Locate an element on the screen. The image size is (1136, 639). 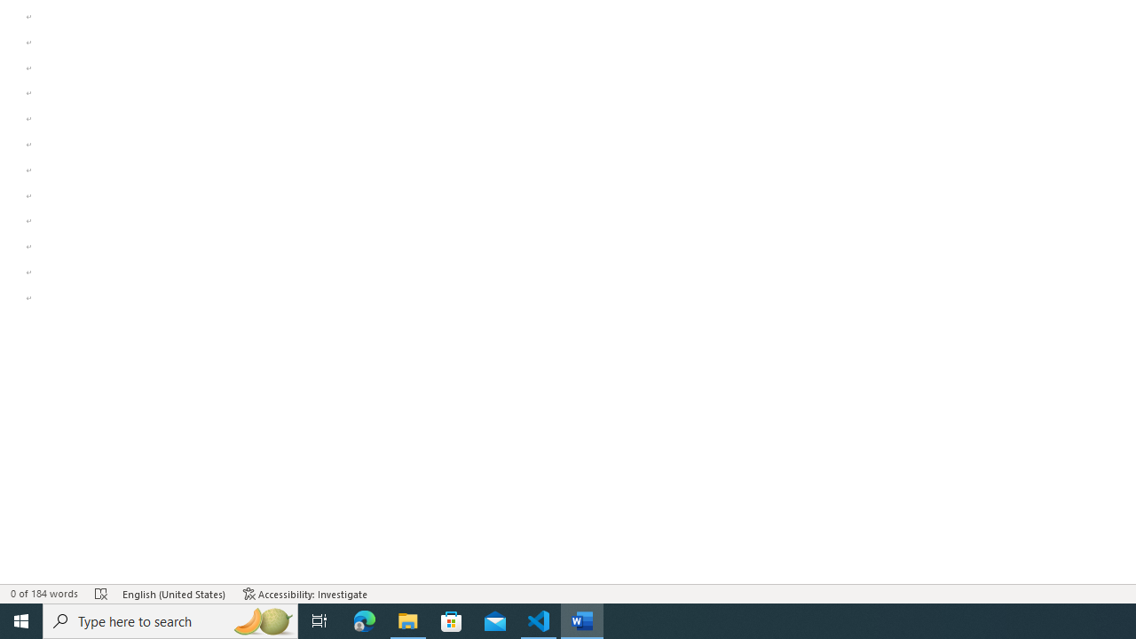
'Spelling and Grammar Check Errors' is located at coordinates (100, 594).